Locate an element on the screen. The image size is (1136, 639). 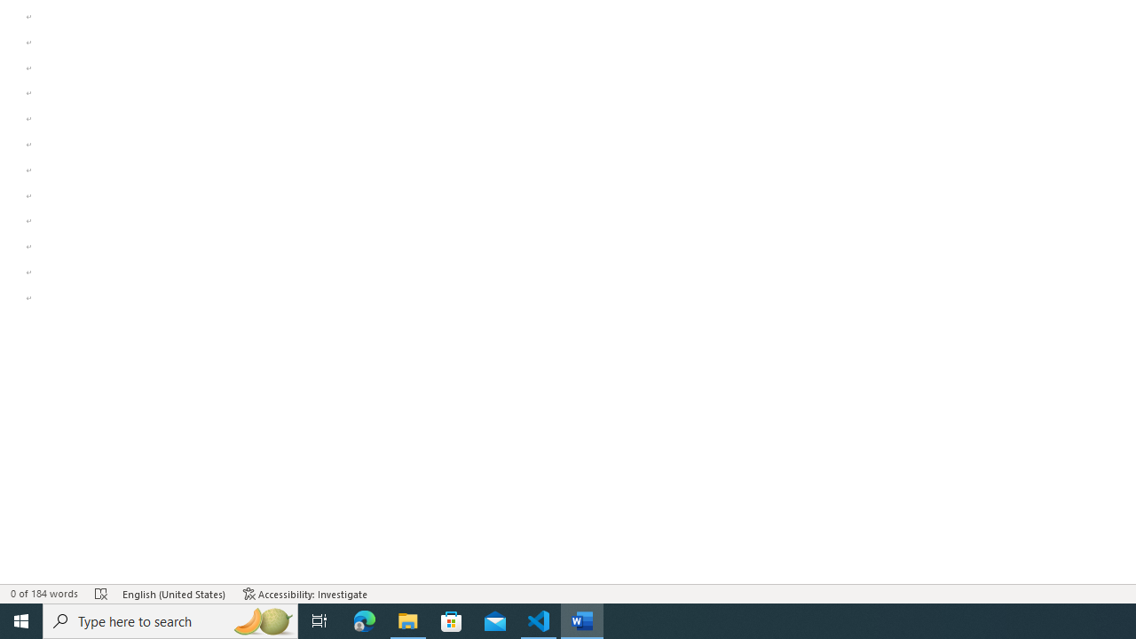
'Spelling and Grammar Check Errors' is located at coordinates (100, 594).